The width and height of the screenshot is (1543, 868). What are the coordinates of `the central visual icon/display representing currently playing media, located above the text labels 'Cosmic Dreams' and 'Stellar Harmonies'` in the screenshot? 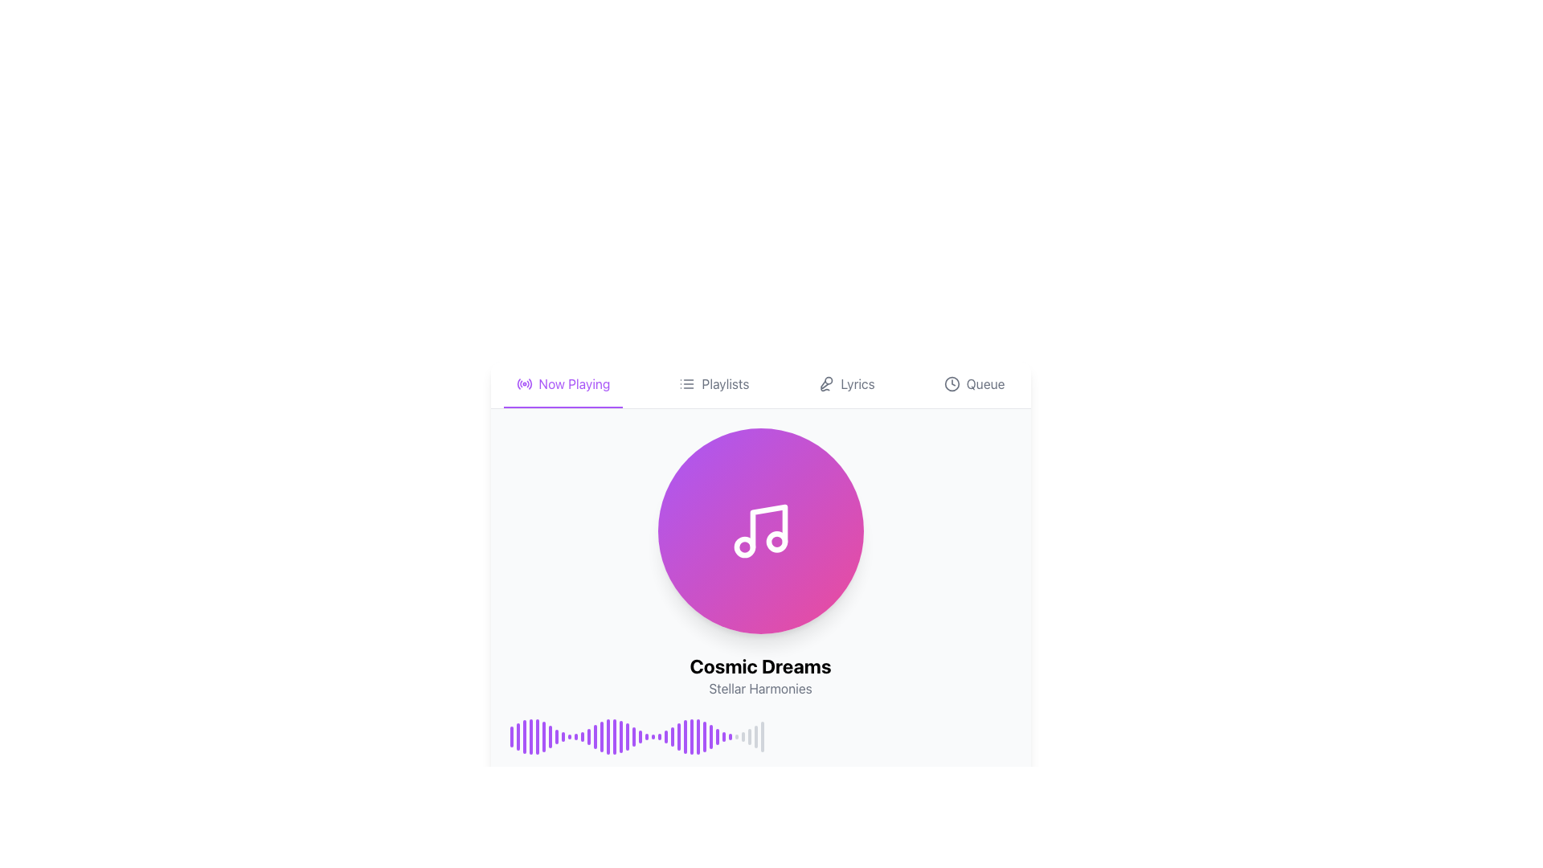 It's located at (759, 530).